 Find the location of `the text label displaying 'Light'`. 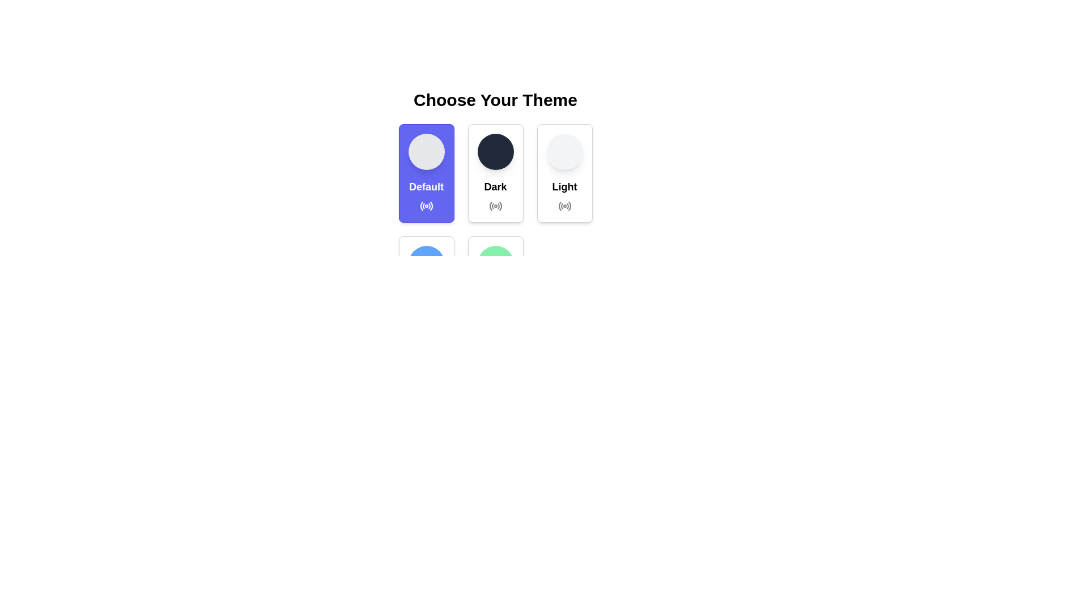

the text label displaying 'Light' is located at coordinates (564, 186).